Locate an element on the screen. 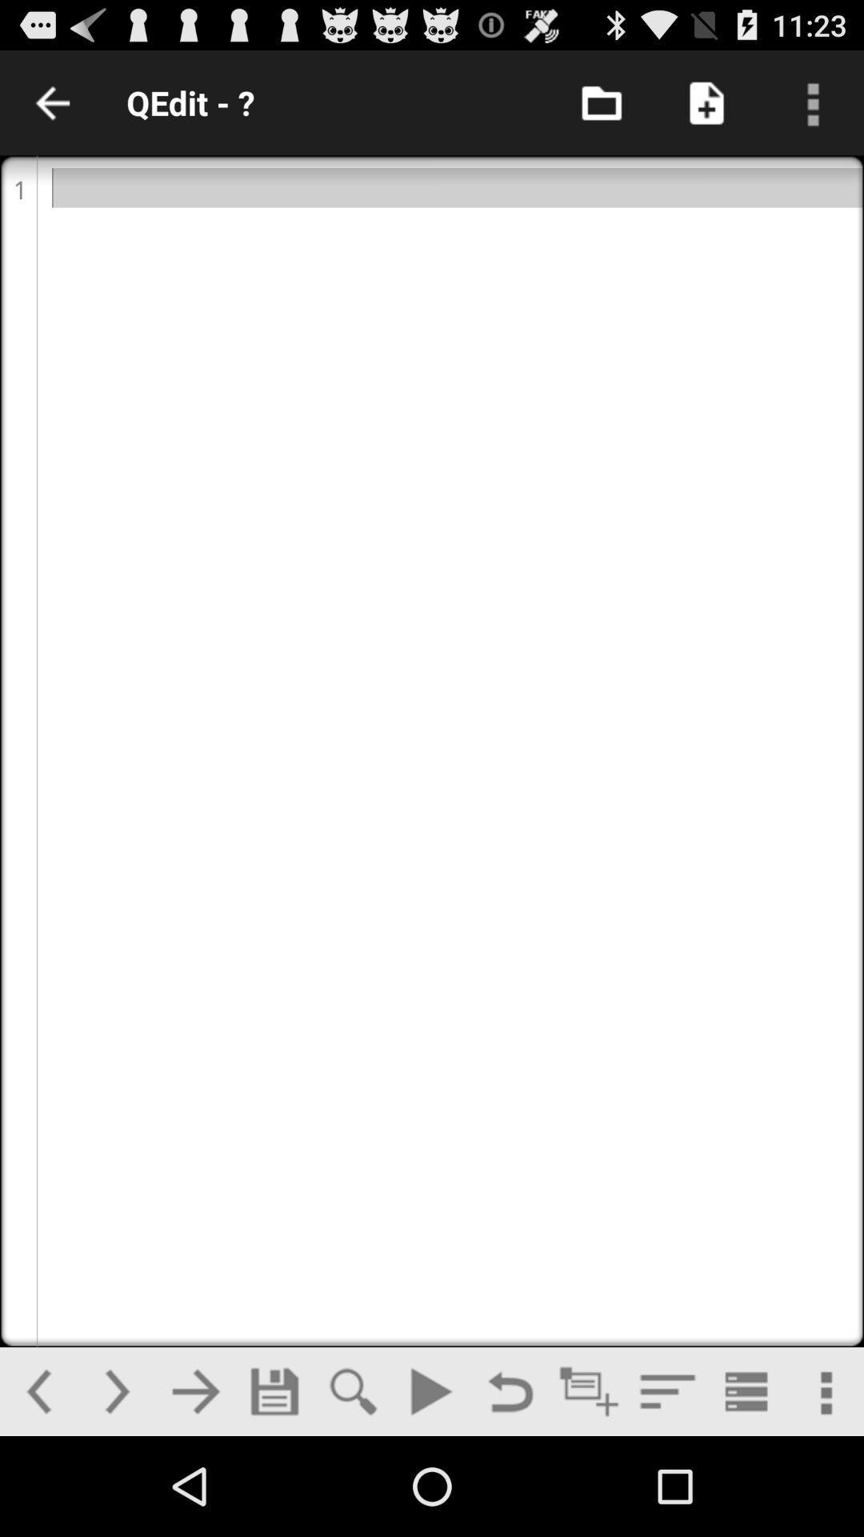  menu option is located at coordinates (811, 102).